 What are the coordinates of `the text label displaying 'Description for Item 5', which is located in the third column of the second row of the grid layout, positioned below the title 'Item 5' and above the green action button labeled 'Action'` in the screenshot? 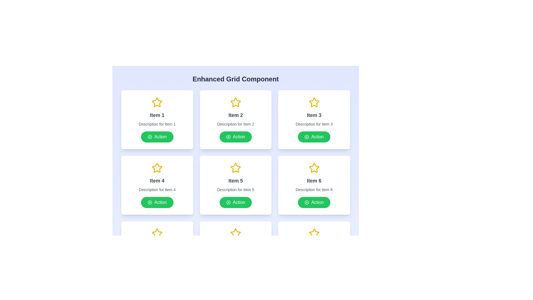 It's located at (236, 189).